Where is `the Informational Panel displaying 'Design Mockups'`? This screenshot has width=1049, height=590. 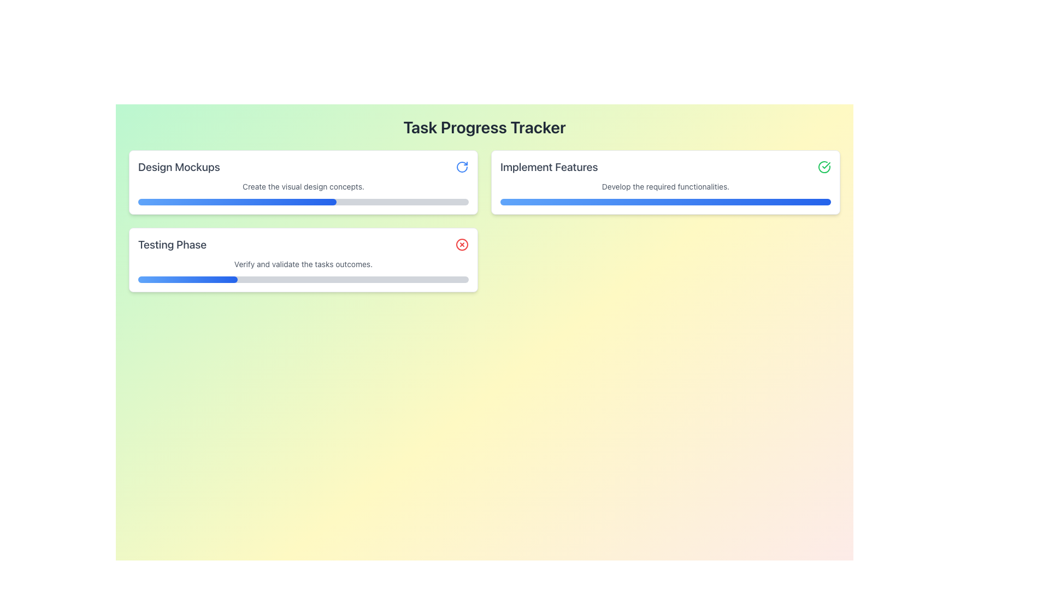 the Informational Panel displaying 'Design Mockups' is located at coordinates (303, 182).